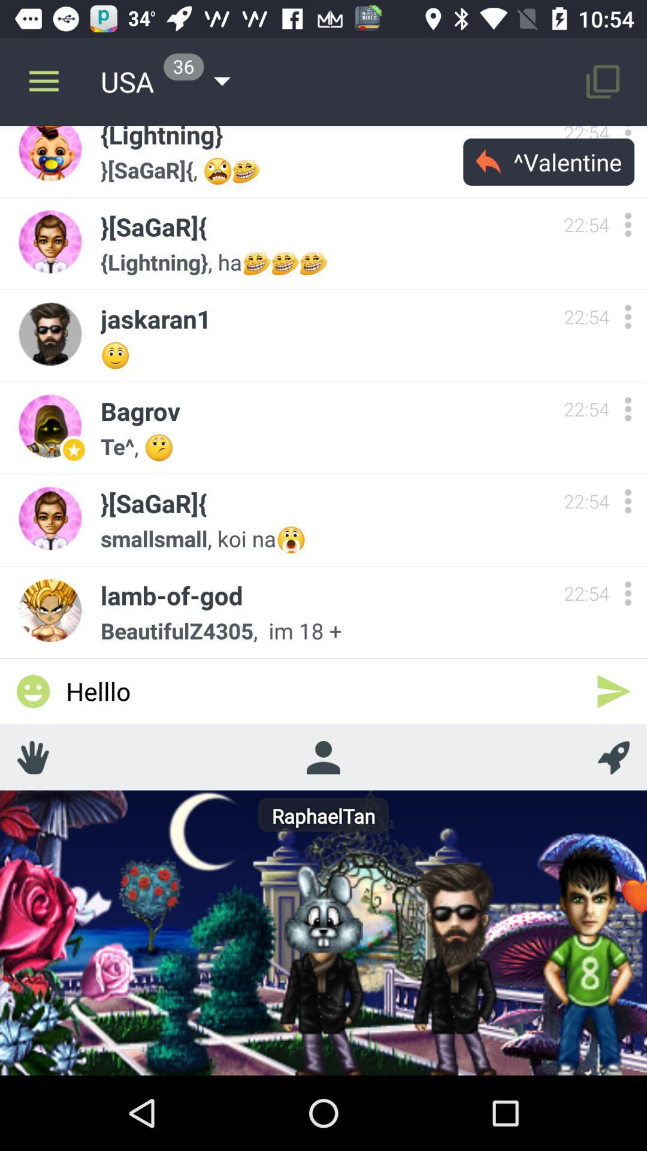 This screenshot has height=1151, width=647. Describe the element at coordinates (613, 691) in the screenshot. I see `the send icon` at that location.